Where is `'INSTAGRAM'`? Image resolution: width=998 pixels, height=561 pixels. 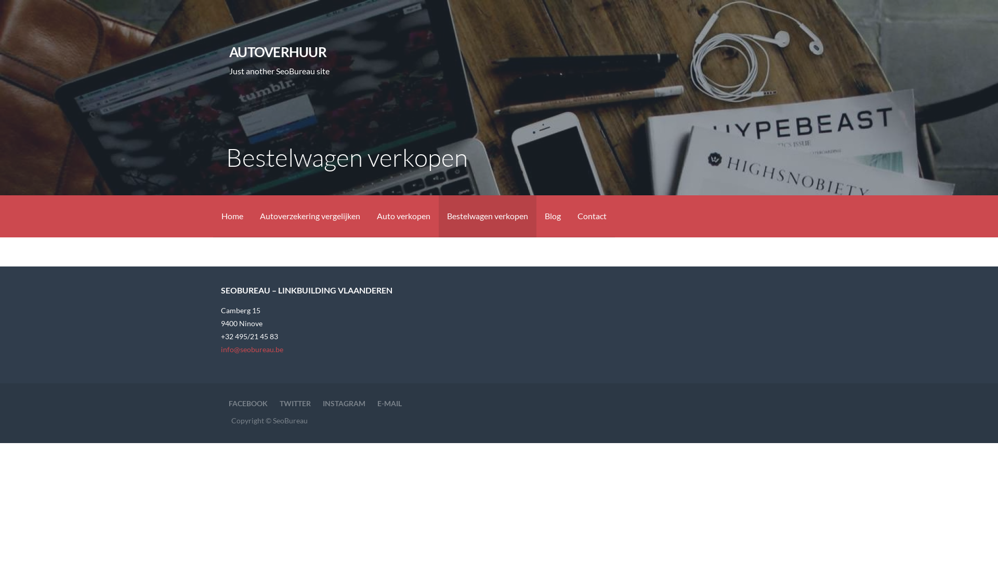 'INSTAGRAM' is located at coordinates (322, 403).